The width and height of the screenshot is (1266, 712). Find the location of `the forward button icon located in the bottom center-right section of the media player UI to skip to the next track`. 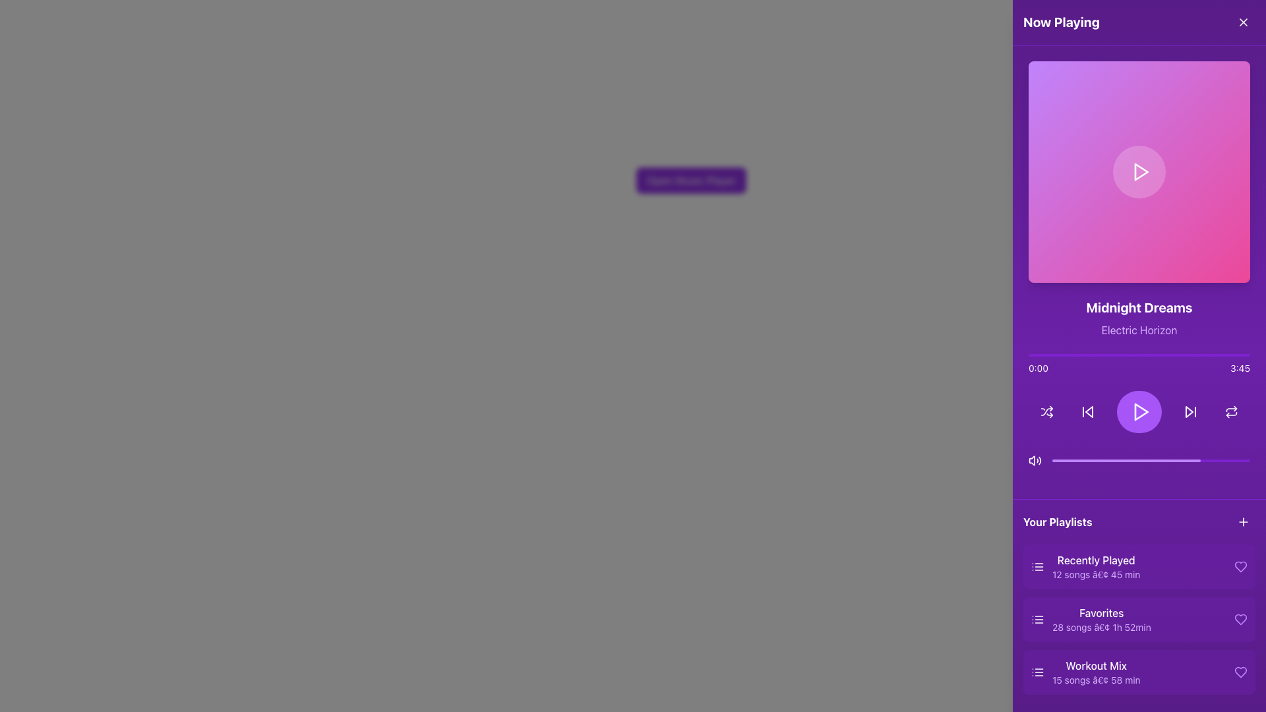

the forward button icon located in the bottom center-right section of the media player UI to skip to the next track is located at coordinates (1190, 411).